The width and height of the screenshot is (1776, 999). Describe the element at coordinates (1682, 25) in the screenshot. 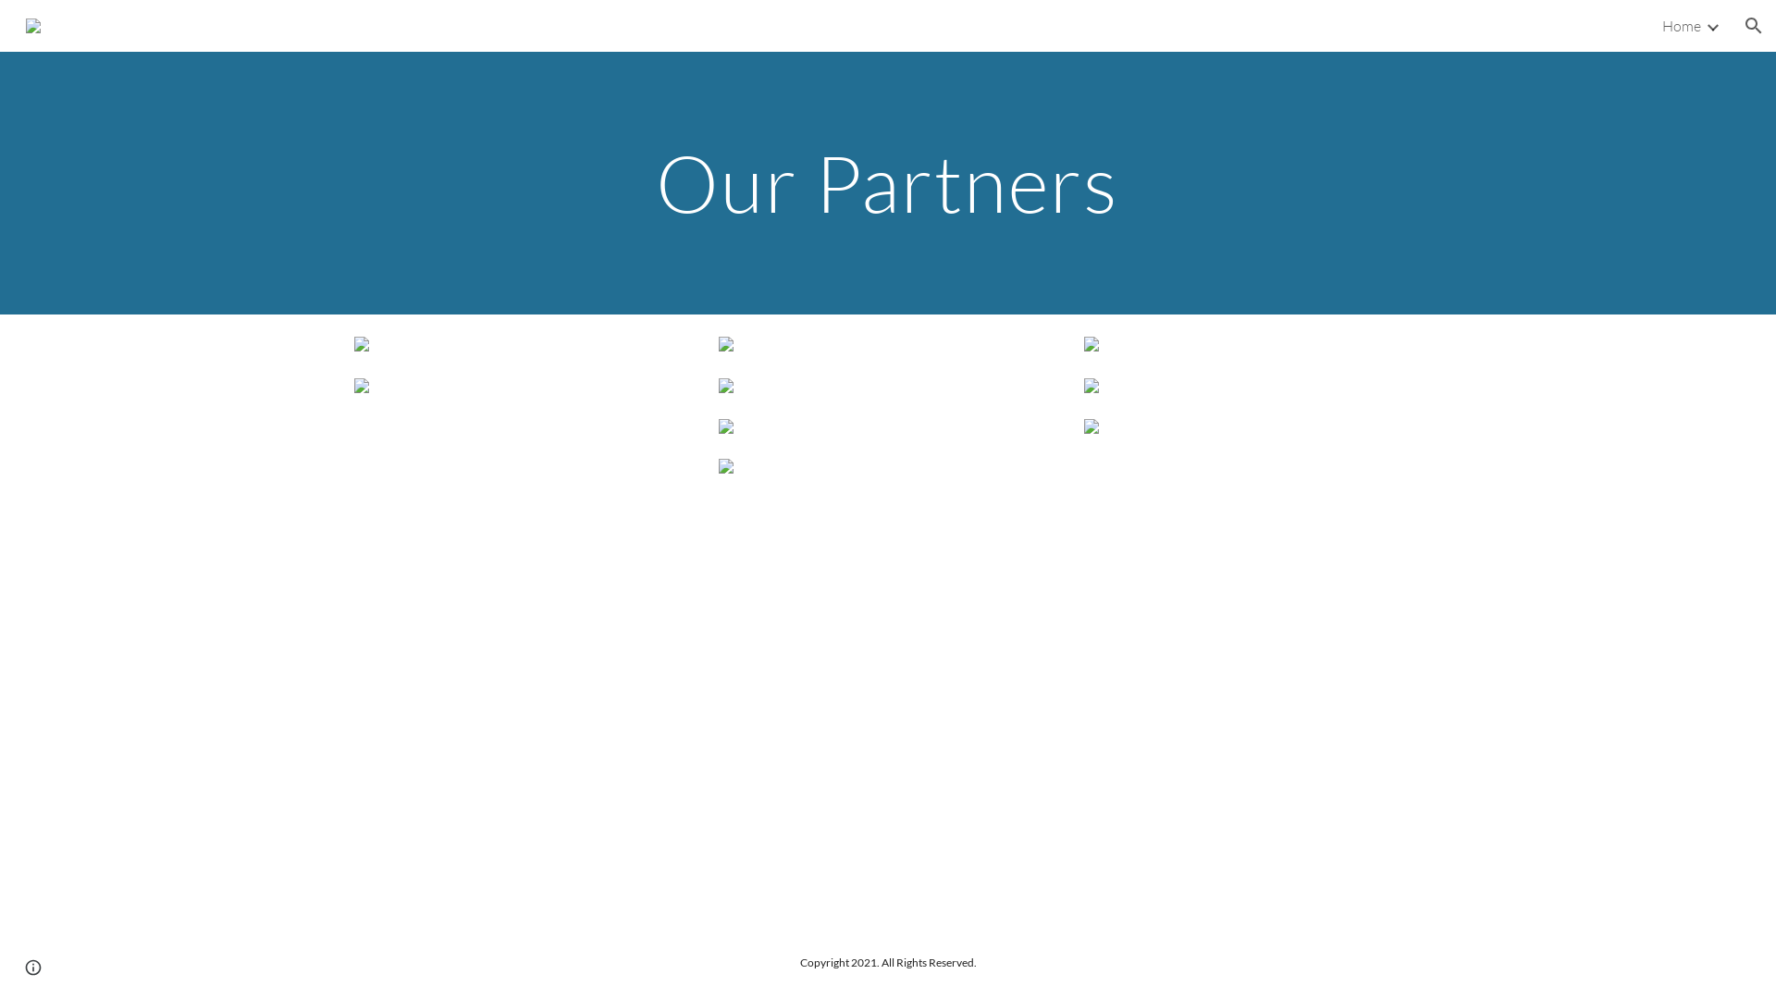

I see `'Home'` at that location.